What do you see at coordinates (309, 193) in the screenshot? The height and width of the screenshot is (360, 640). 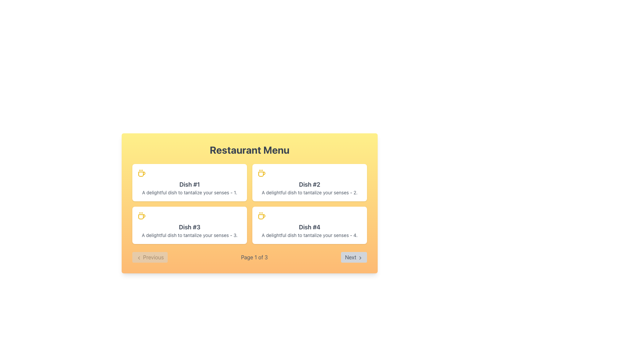 I see `descriptive text displaying 'A delightful dish to tantalize your senses - 2.' located below the title 'Dish #2' in the top-right dish card of the menu` at bounding box center [309, 193].